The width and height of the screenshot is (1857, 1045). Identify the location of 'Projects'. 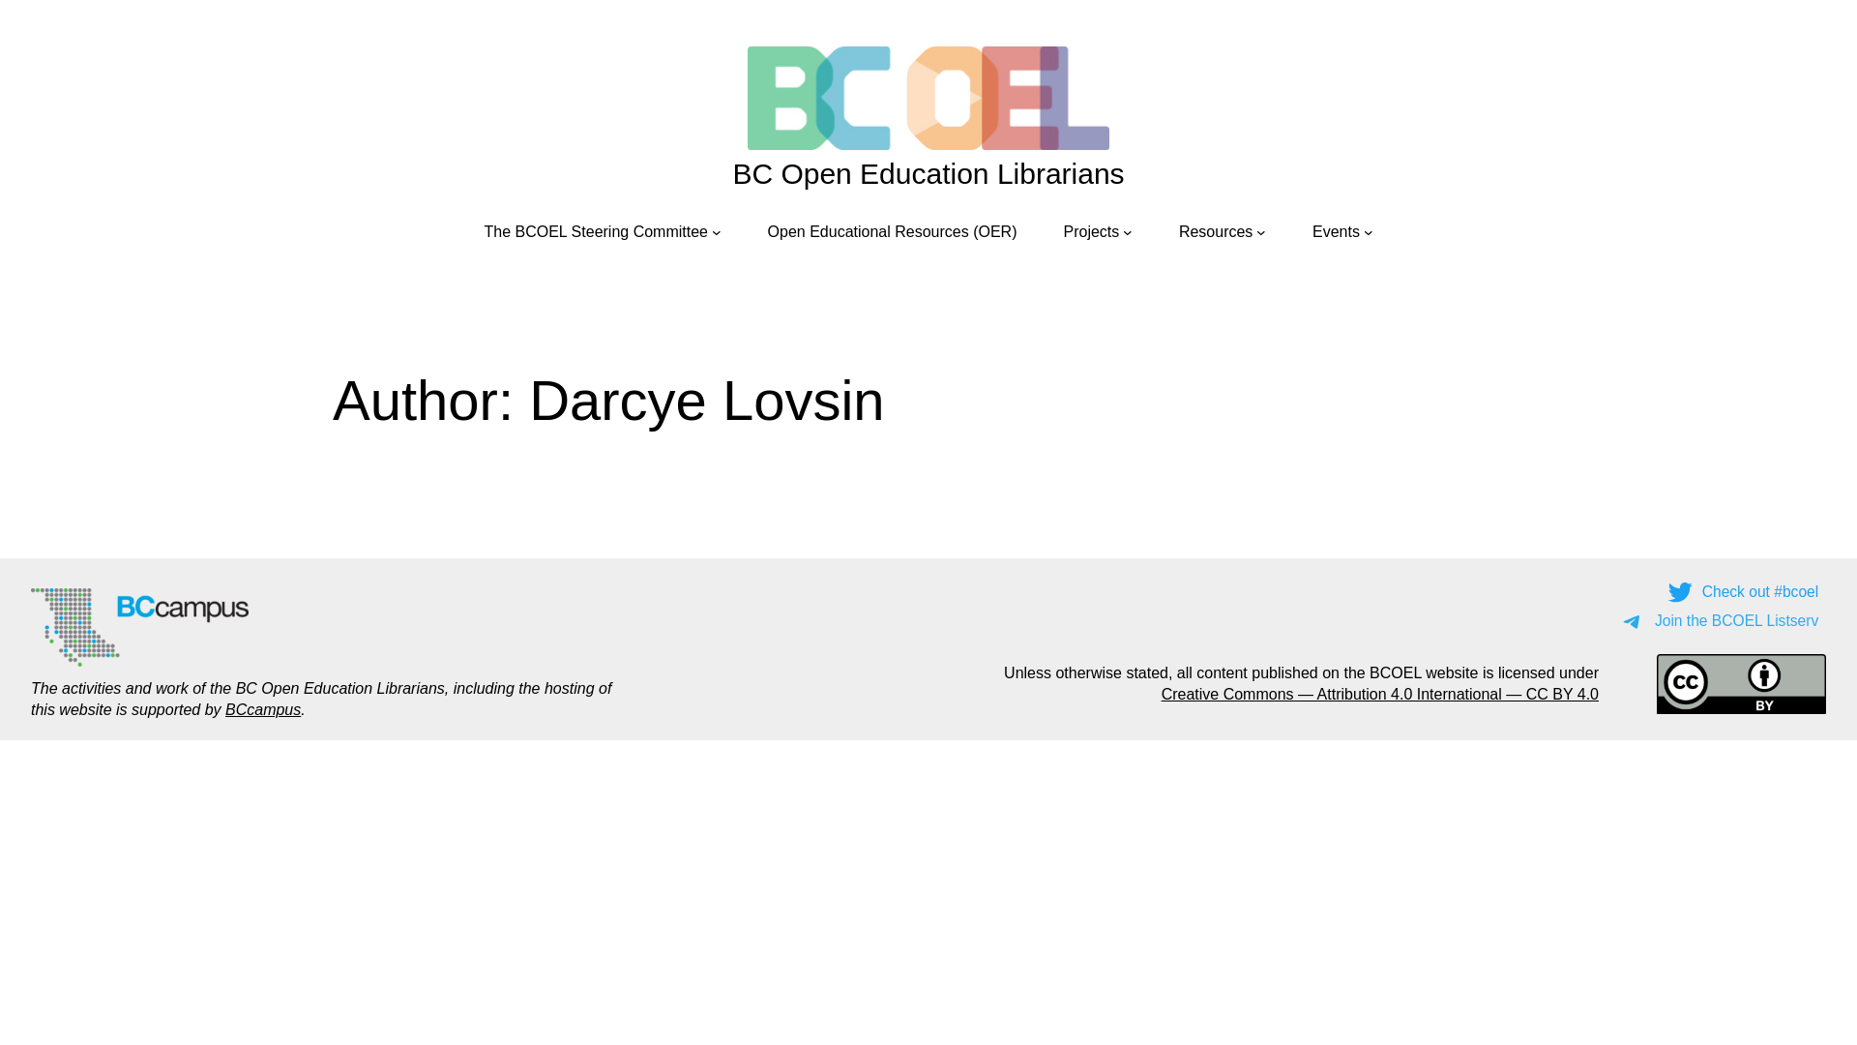
(1091, 230).